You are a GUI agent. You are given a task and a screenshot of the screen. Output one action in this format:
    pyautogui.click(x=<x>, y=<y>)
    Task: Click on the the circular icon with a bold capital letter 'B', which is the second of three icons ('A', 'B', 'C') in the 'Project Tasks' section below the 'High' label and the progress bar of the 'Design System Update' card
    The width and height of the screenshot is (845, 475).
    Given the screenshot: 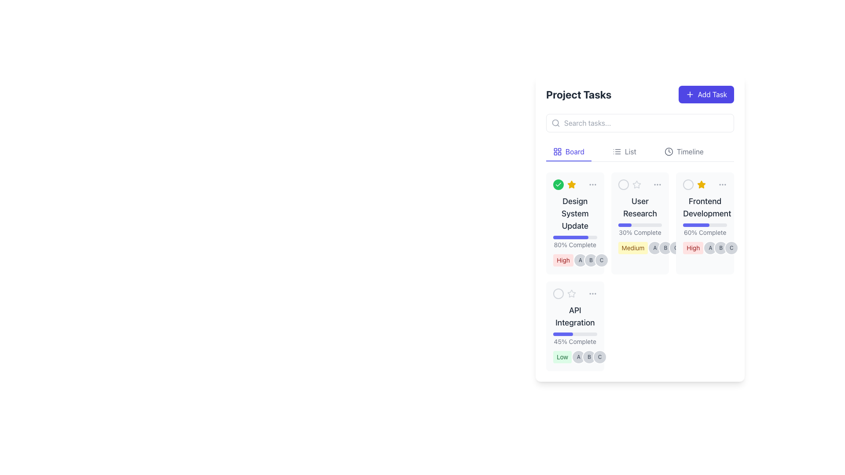 What is the action you would take?
    pyautogui.click(x=591, y=259)
    